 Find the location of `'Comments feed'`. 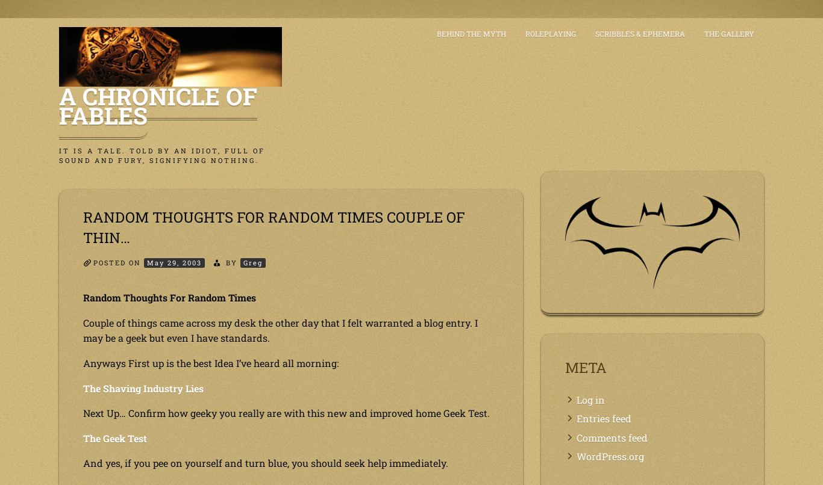

'Comments feed' is located at coordinates (612, 437).